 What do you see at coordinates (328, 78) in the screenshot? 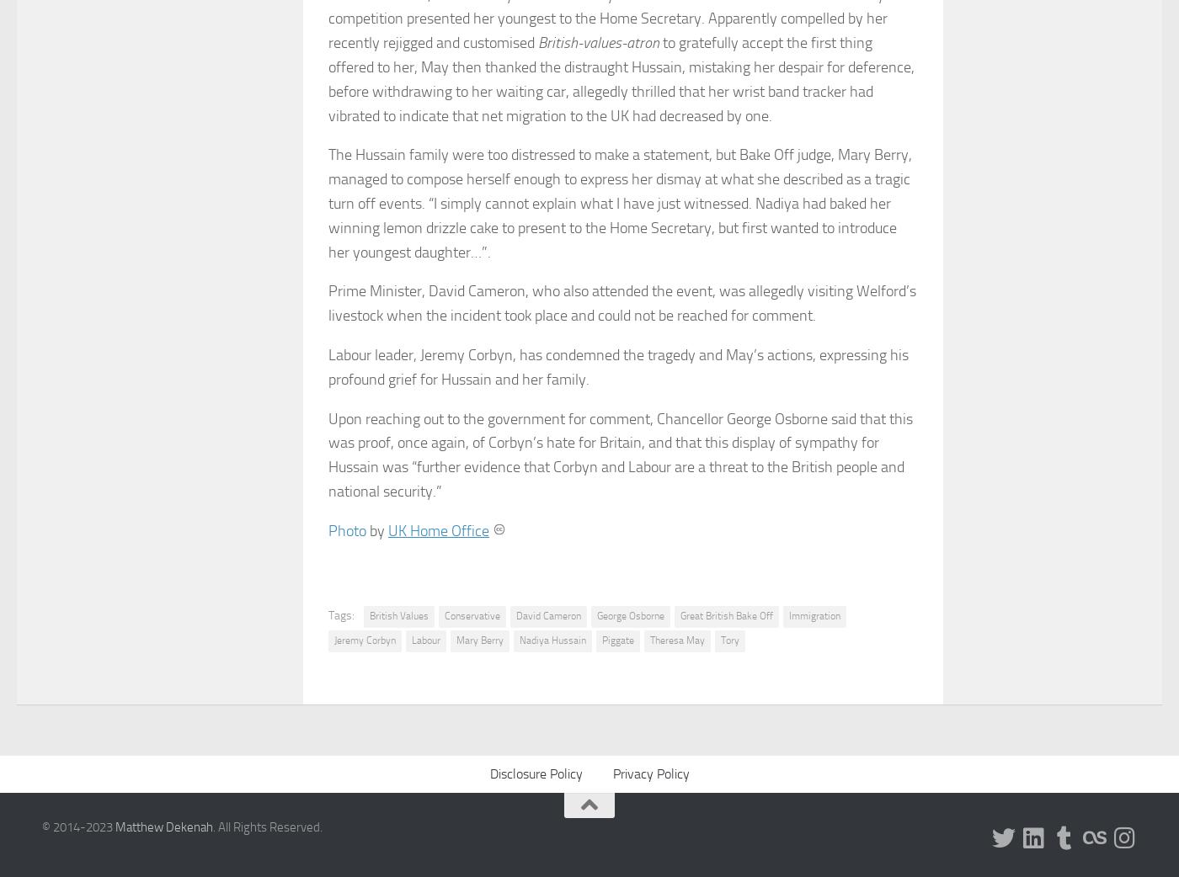
I see `'to gratefully accept the first thing offered to her, May then thanked the distraught Hussain, mistaking her despair for deference, before withdrawing to her waiting car, allegedly thrilled that her wrist band tracker had vibrated to indicate that net migration to the UK had decreased by one.'` at bounding box center [328, 78].